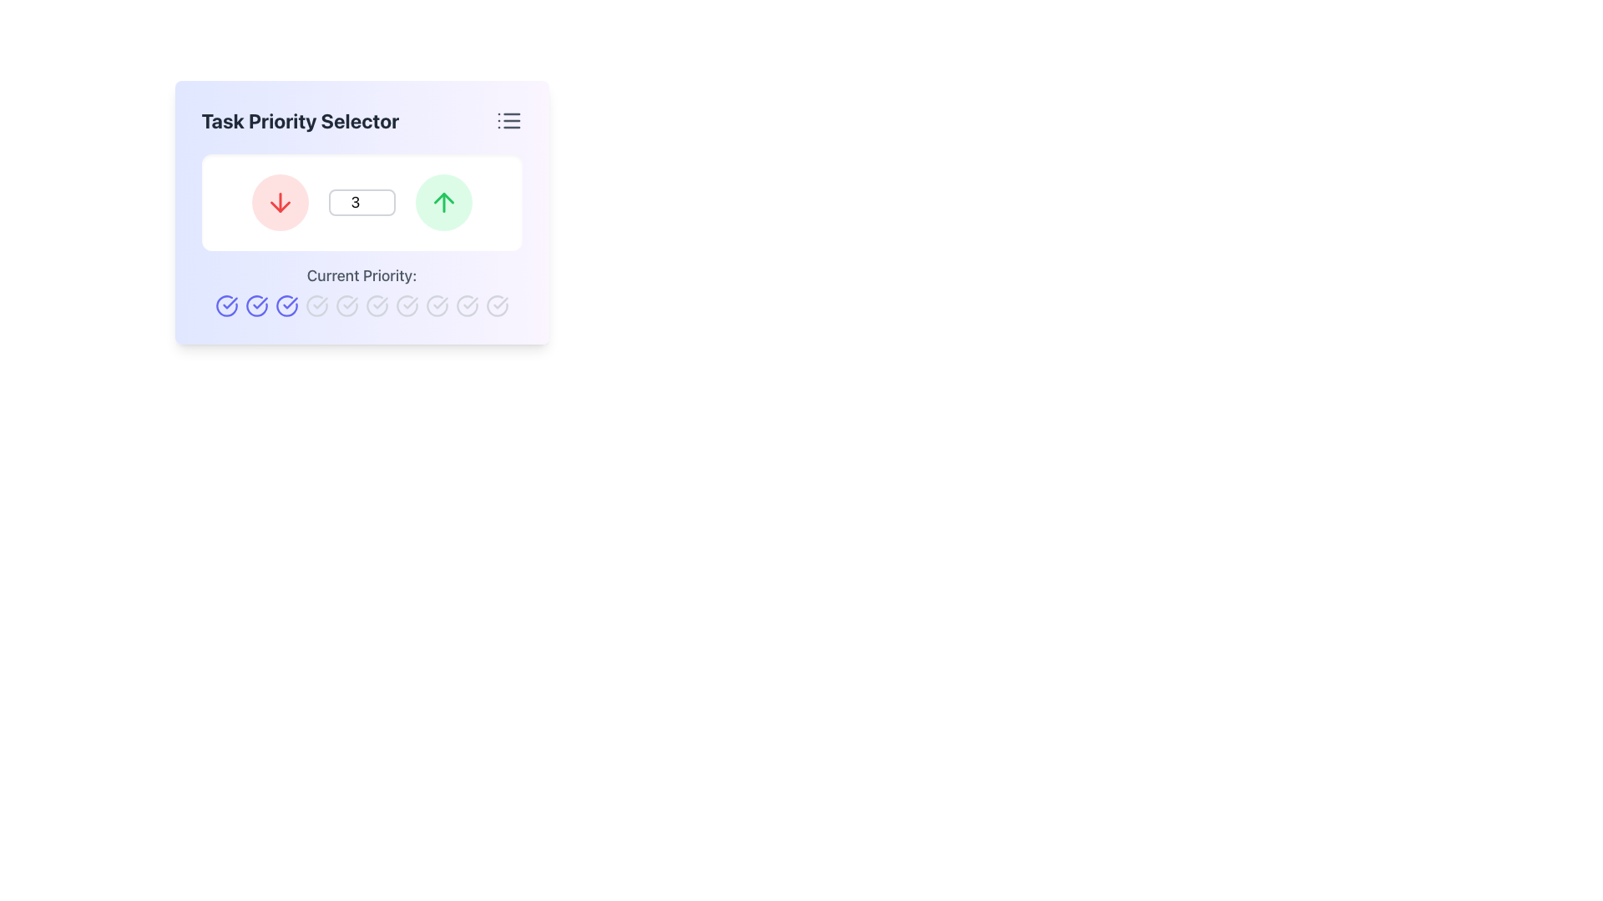 This screenshot has width=1603, height=901. What do you see at coordinates (437, 305) in the screenshot?
I see `the circular icon with a dashed perimeter located in the bottom row of indicators, specifically the fifth icon from the left` at bounding box center [437, 305].